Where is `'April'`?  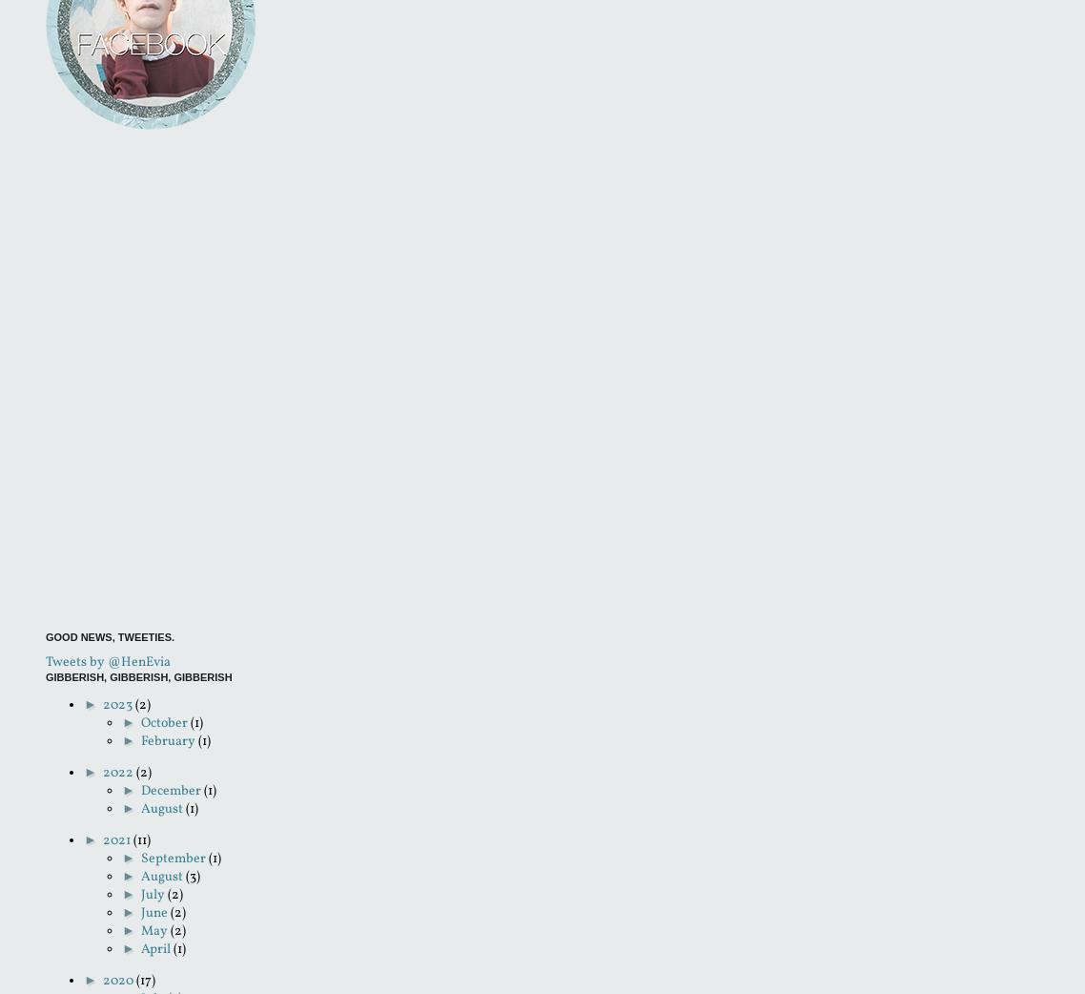 'April' is located at coordinates (140, 949).